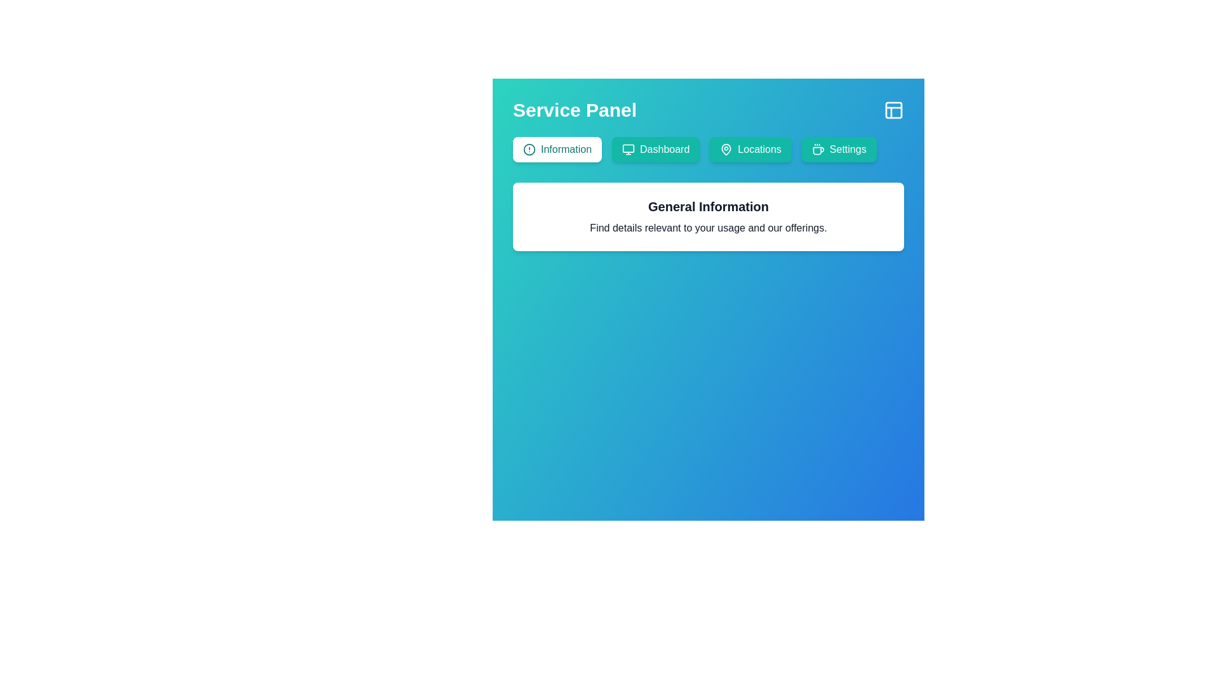 The height and width of the screenshot is (685, 1219). Describe the element at coordinates (726, 148) in the screenshot. I see `the pin icon located on the 'Locations' button in the navigation bar` at that location.